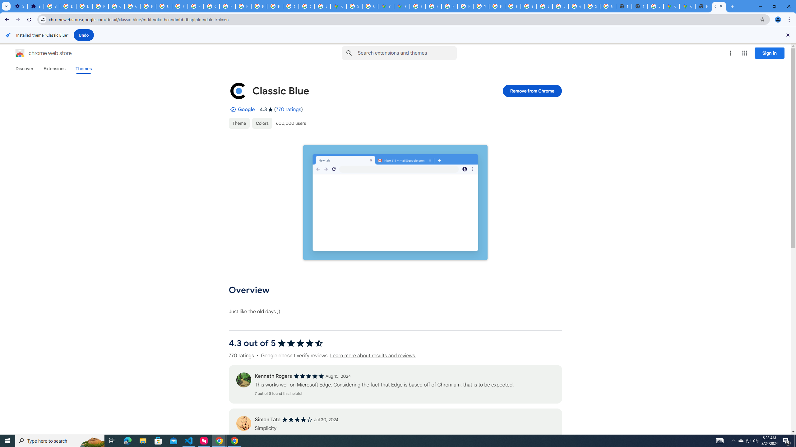 The height and width of the screenshot is (447, 796). Describe the element at coordinates (730, 53) in the screenshot. I see `'More options menu'` at that location.